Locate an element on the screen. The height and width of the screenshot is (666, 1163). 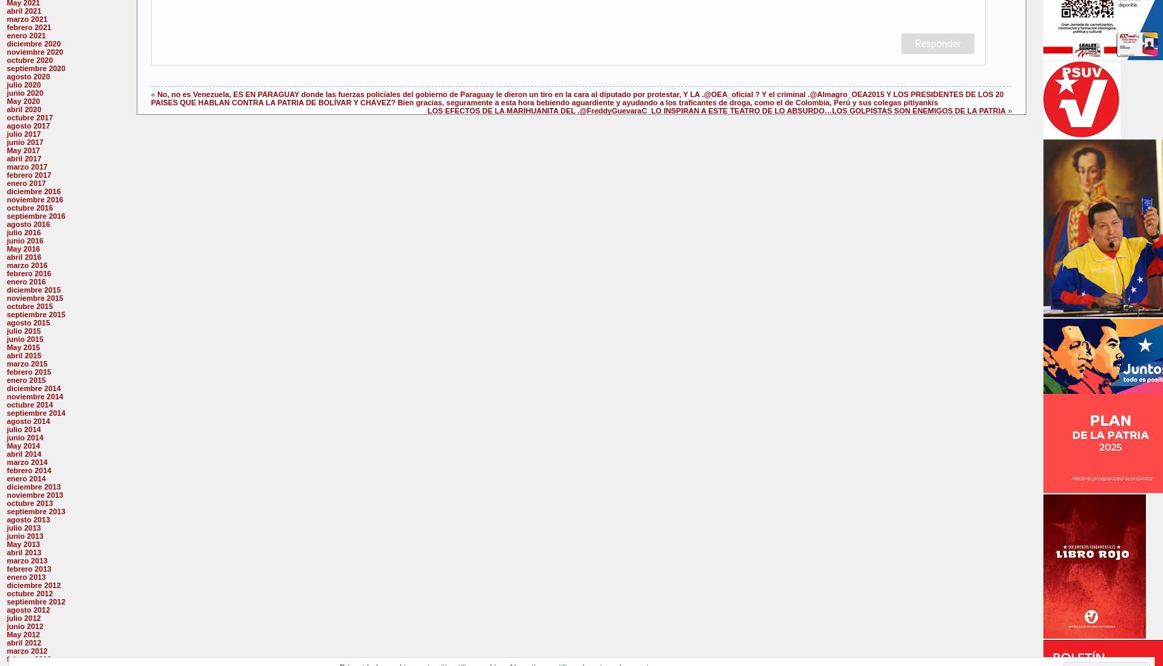
'abril 2015' is located at coordinates (24, 356).